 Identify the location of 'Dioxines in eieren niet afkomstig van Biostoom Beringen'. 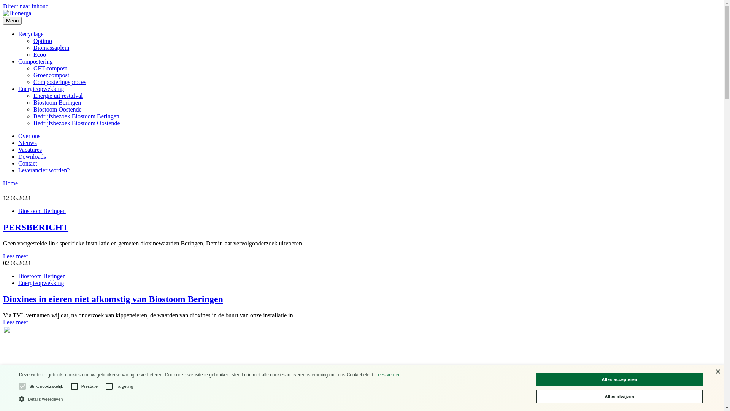
(362, 299).